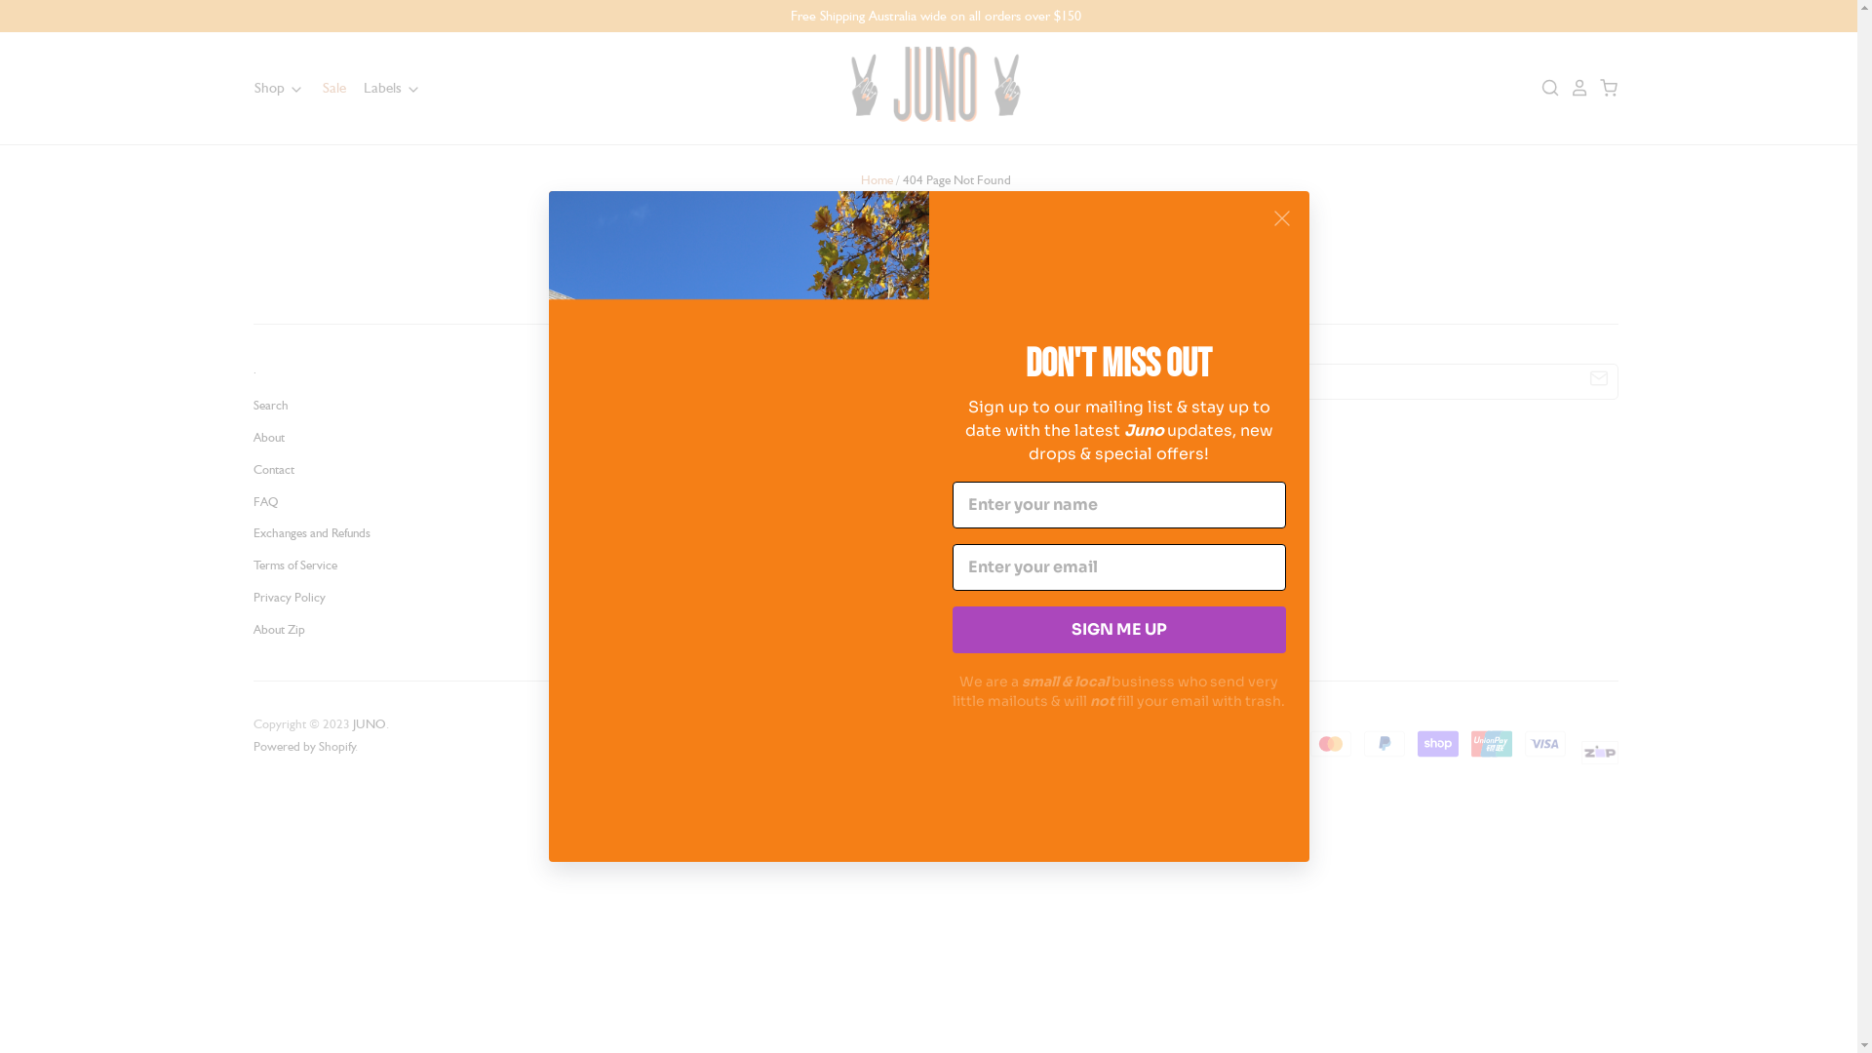  Describe the element at coordinates (1018, 270) in the screenshot. I see `'searching'` at that location.